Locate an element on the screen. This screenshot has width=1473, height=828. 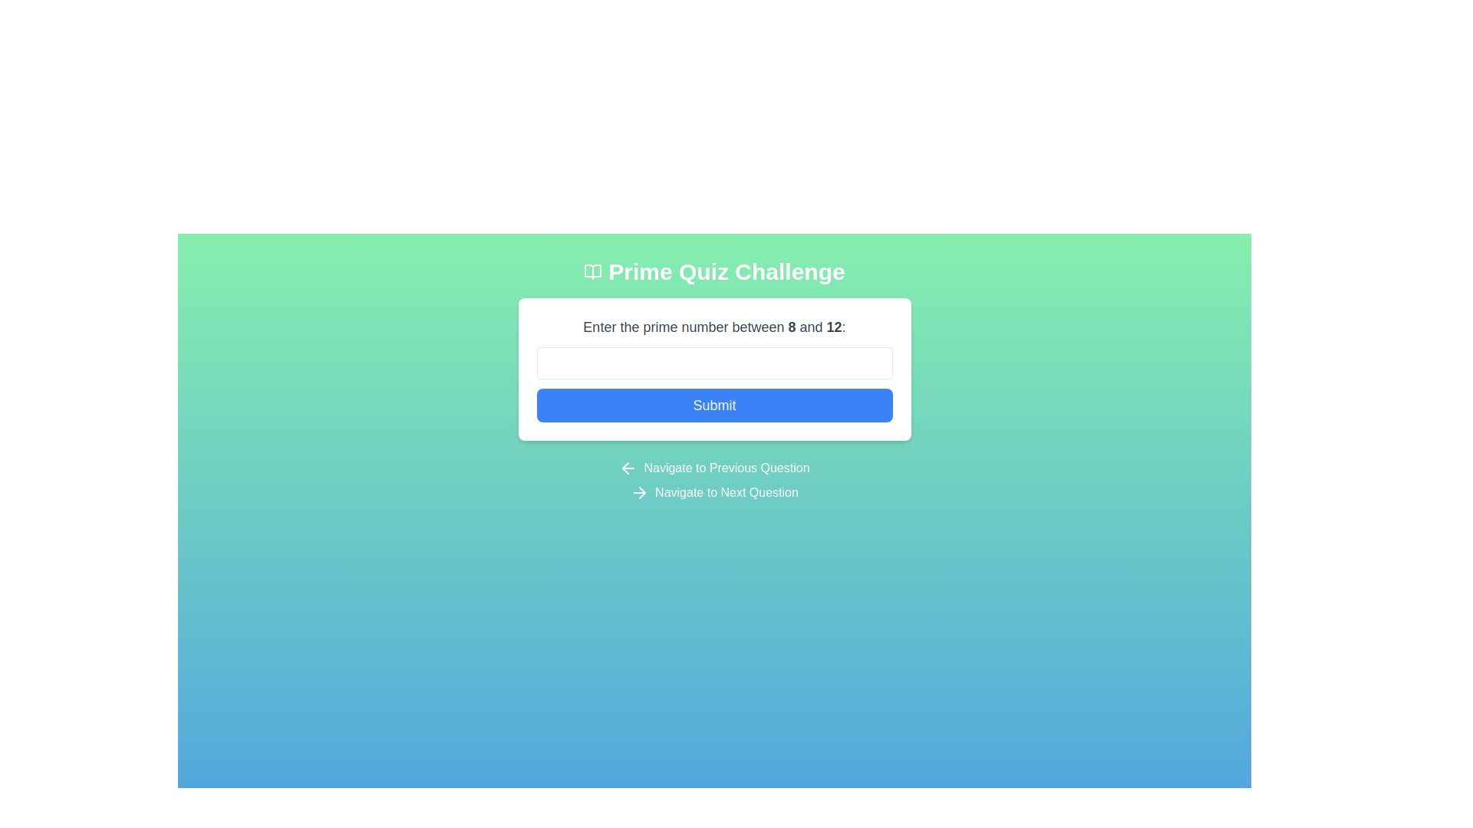
the text label that says 'Navigate to Next Question', which is styled in white text on a gradient blue-green background and is part of a navigational feature is located at coordinates (726, 493).